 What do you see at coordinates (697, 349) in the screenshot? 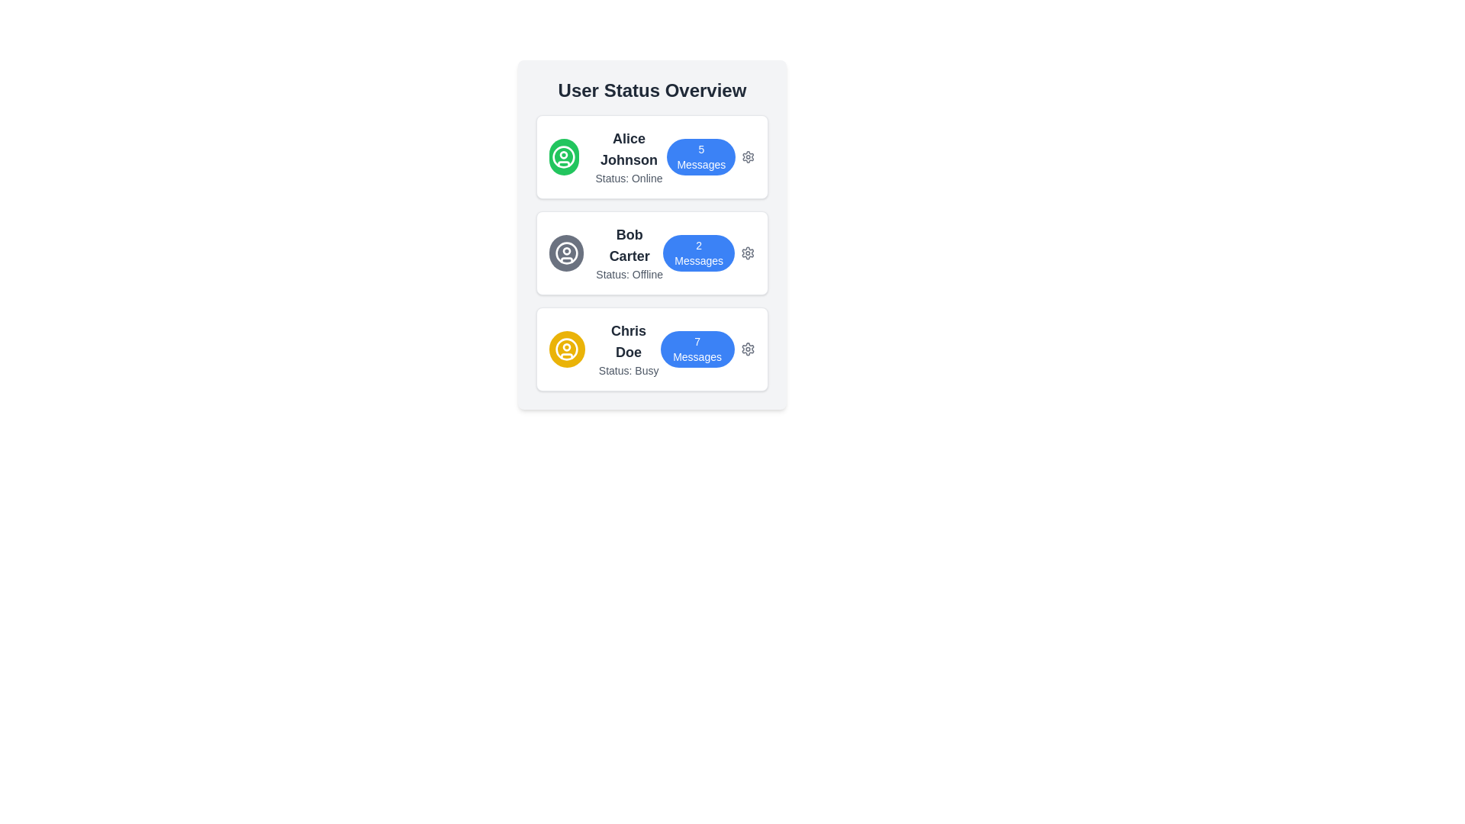
I see `the informational badge displaying the number of messages for 'Chris Doe', located in the bottom section of the 'User Status Overview' card` at bounding box center [697, 349].